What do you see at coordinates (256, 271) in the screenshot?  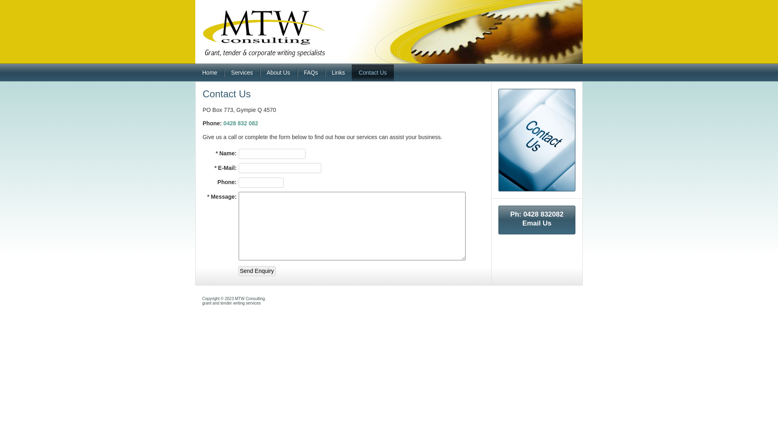 I see `'Send Enquiry'` at bounding box center [256, 271].